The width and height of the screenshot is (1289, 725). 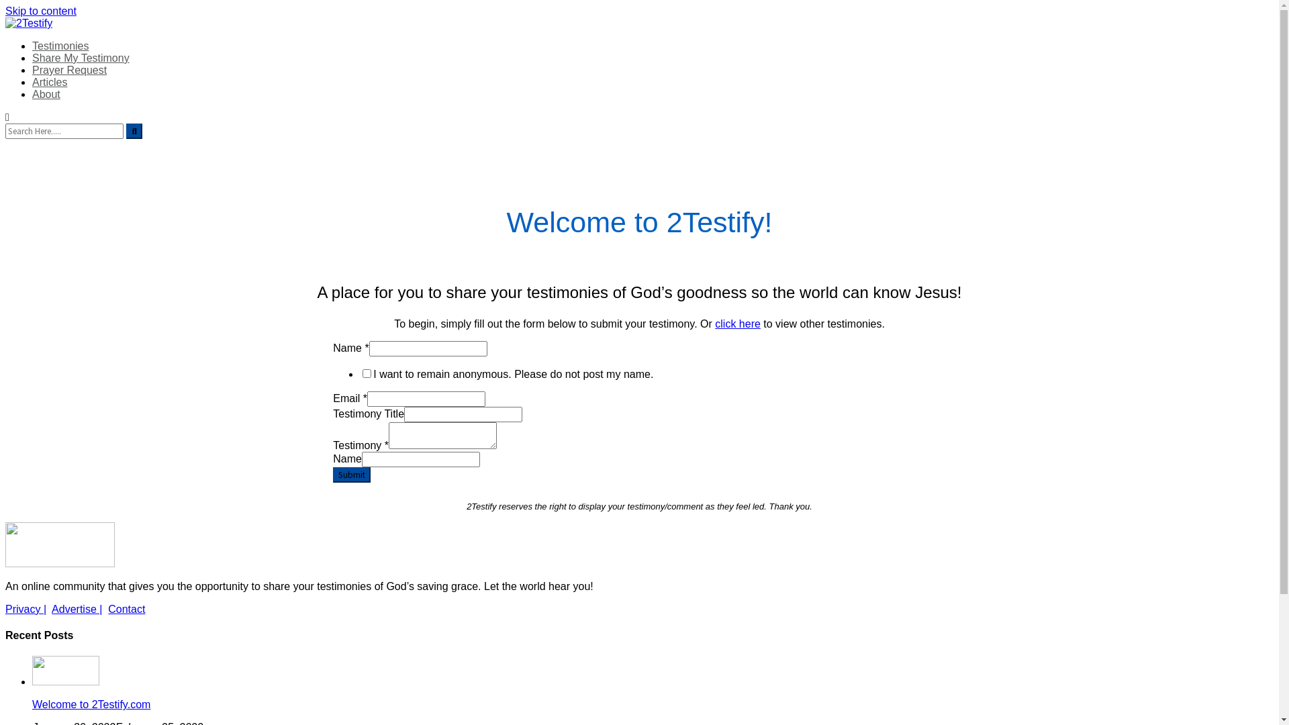 I want to click on 'Skip to content', so click(x=41, y=11).